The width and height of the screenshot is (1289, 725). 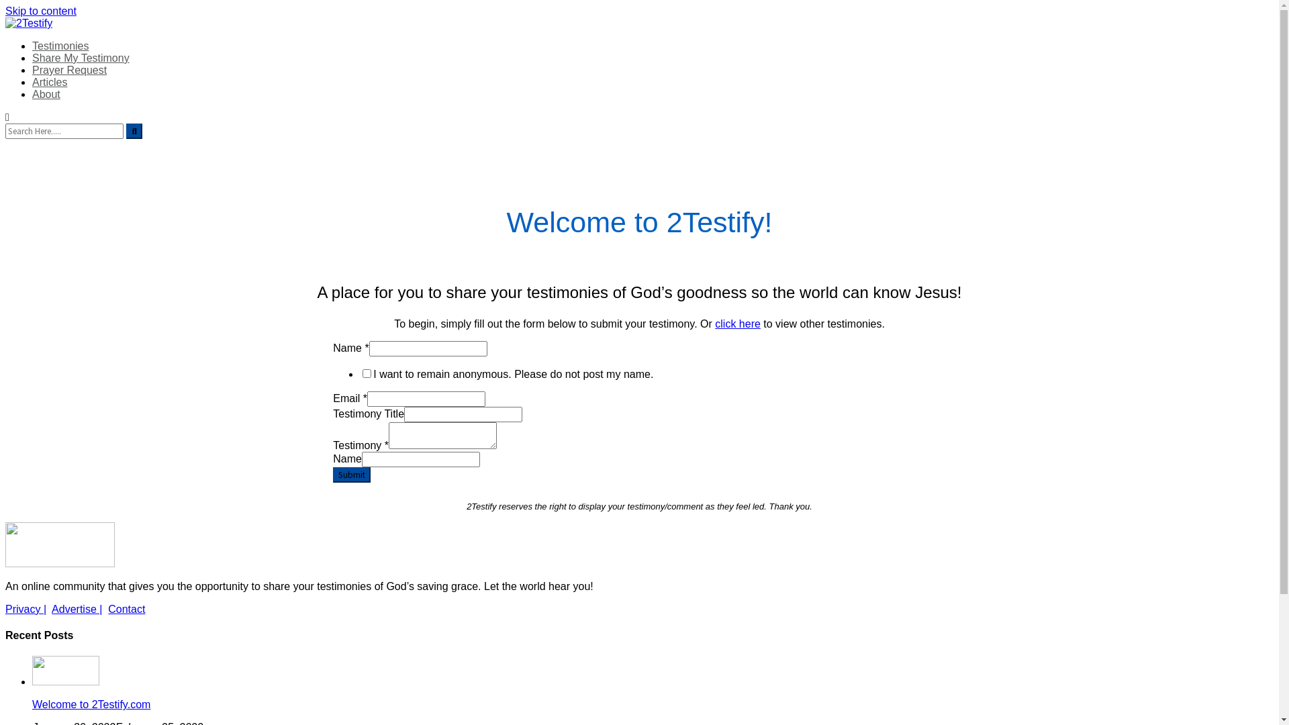 I want to click on 'Skip to content', so click(x=41, y=11).